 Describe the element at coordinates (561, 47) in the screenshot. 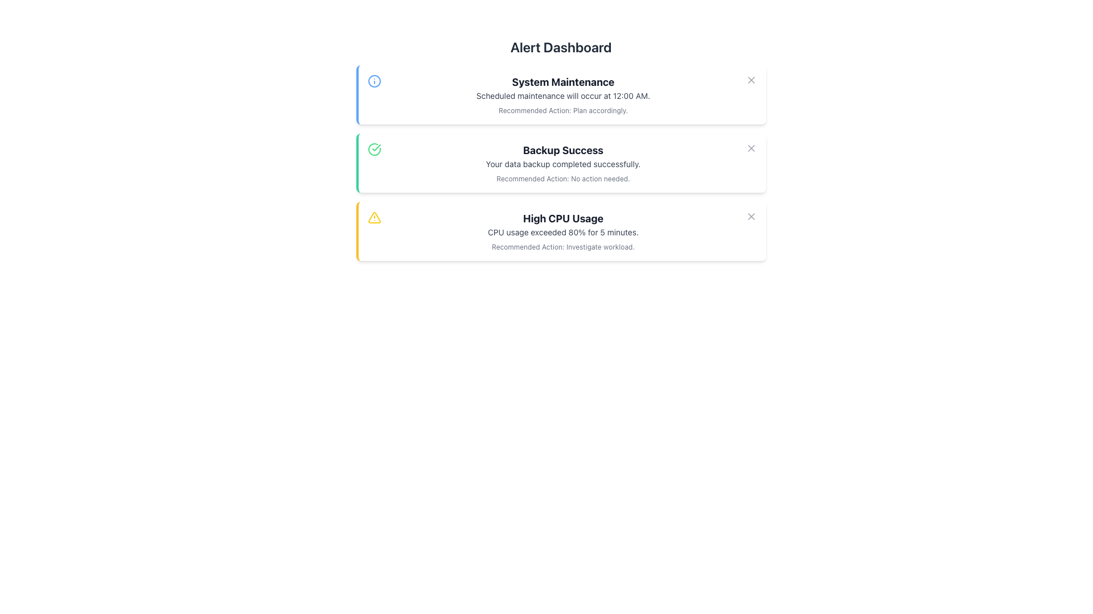

I see `the Text Header element, which serves as the title for the dashboard interface, located at the top and centered horizontally, above the notification cards` at that location.